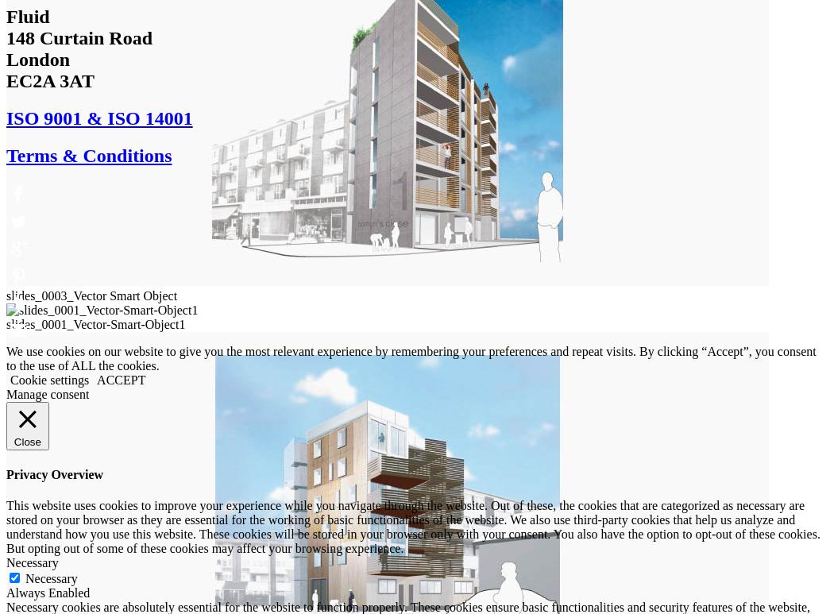 Image resolution: width=834 pixels, height=614 pixels. What do you see at coordinates (27, 16) in the screenshot?
I see `'Fluid'` at bounding box center [27, 16].